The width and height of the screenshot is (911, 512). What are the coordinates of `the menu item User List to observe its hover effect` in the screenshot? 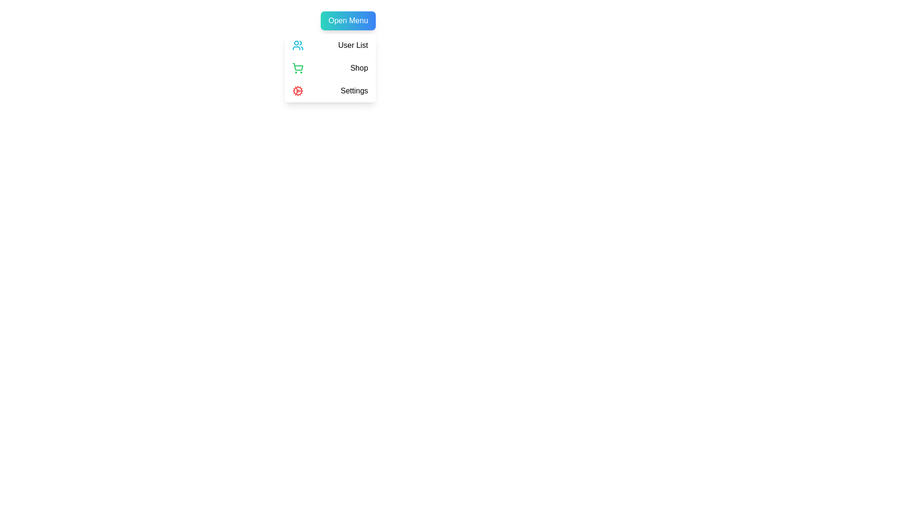 It's located at (330, 46).